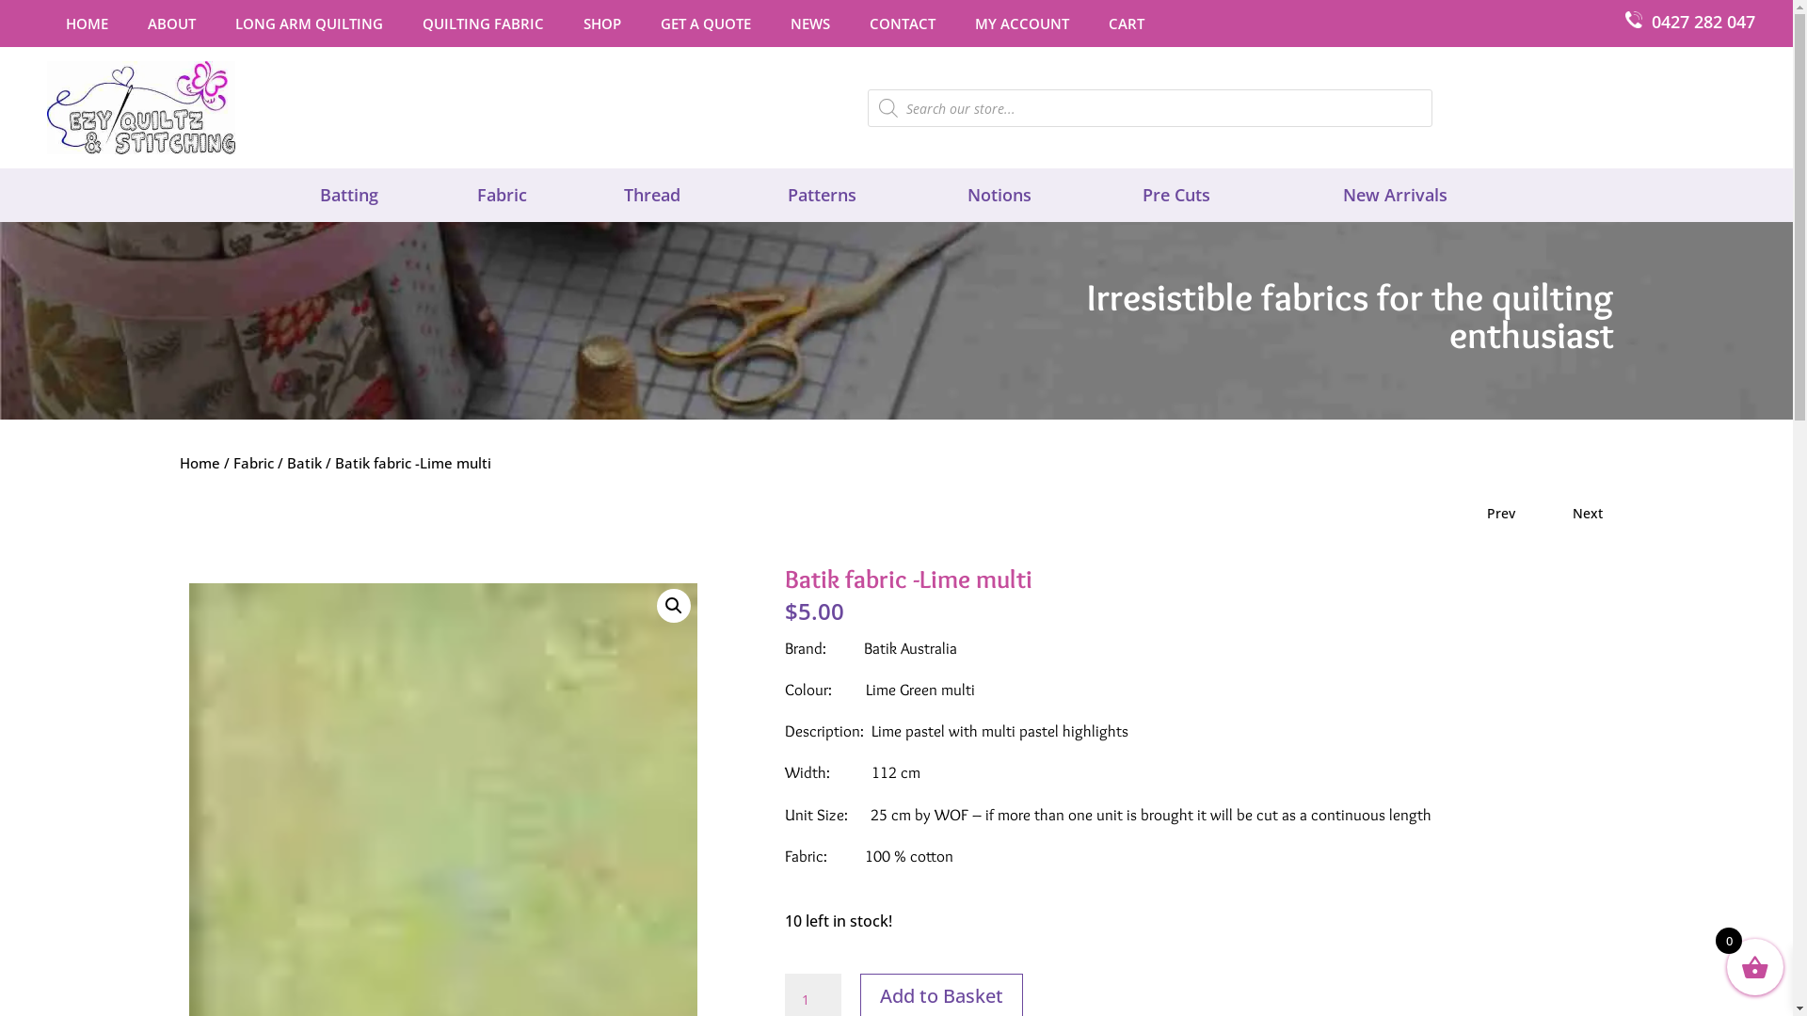  Describe the element at coordinates (1175, 195) in the screenshot. I see `'Pre Cuts'` at that location.